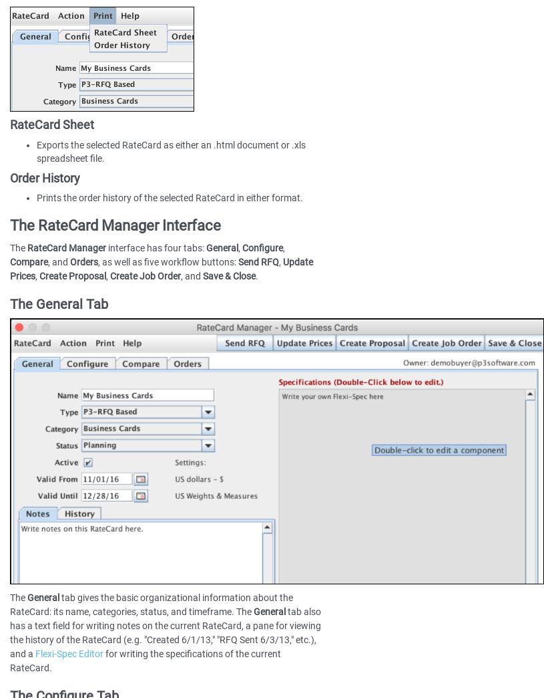 The image size is (544, 698). I want to click on 'tab gives the basic organizational information about the RateCard: its name, categories, status, and timeframe. The', so click(151, 604).